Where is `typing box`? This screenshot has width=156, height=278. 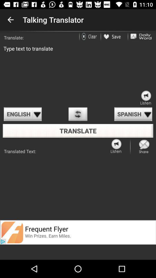 typing box is located at coordinates (78, 73).